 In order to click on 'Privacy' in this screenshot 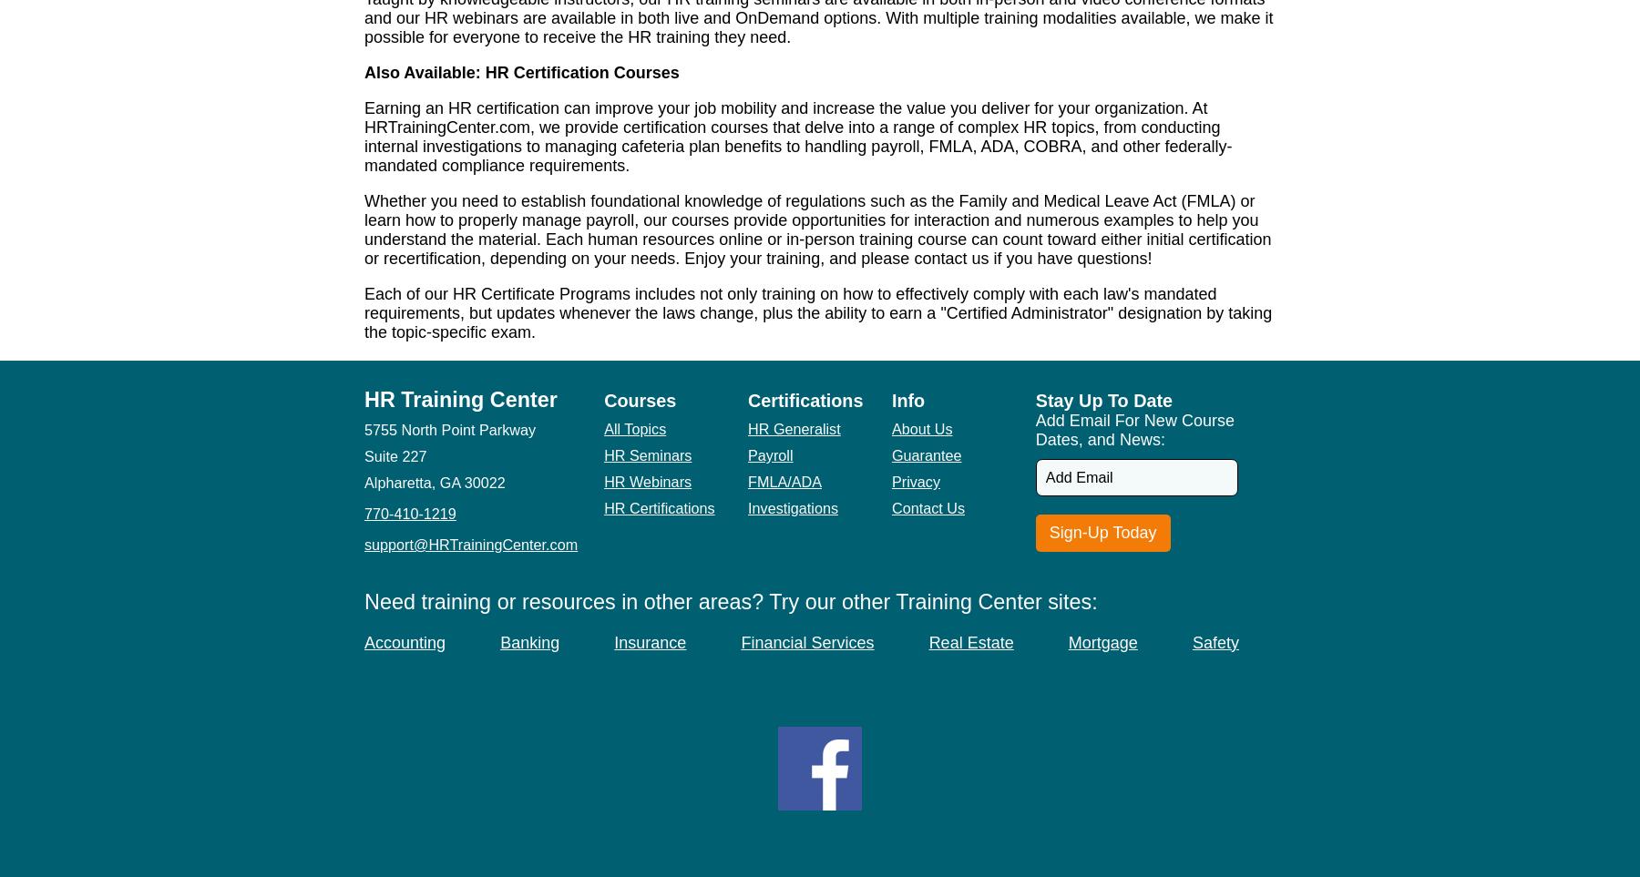, I will do `click(914, 480)`.